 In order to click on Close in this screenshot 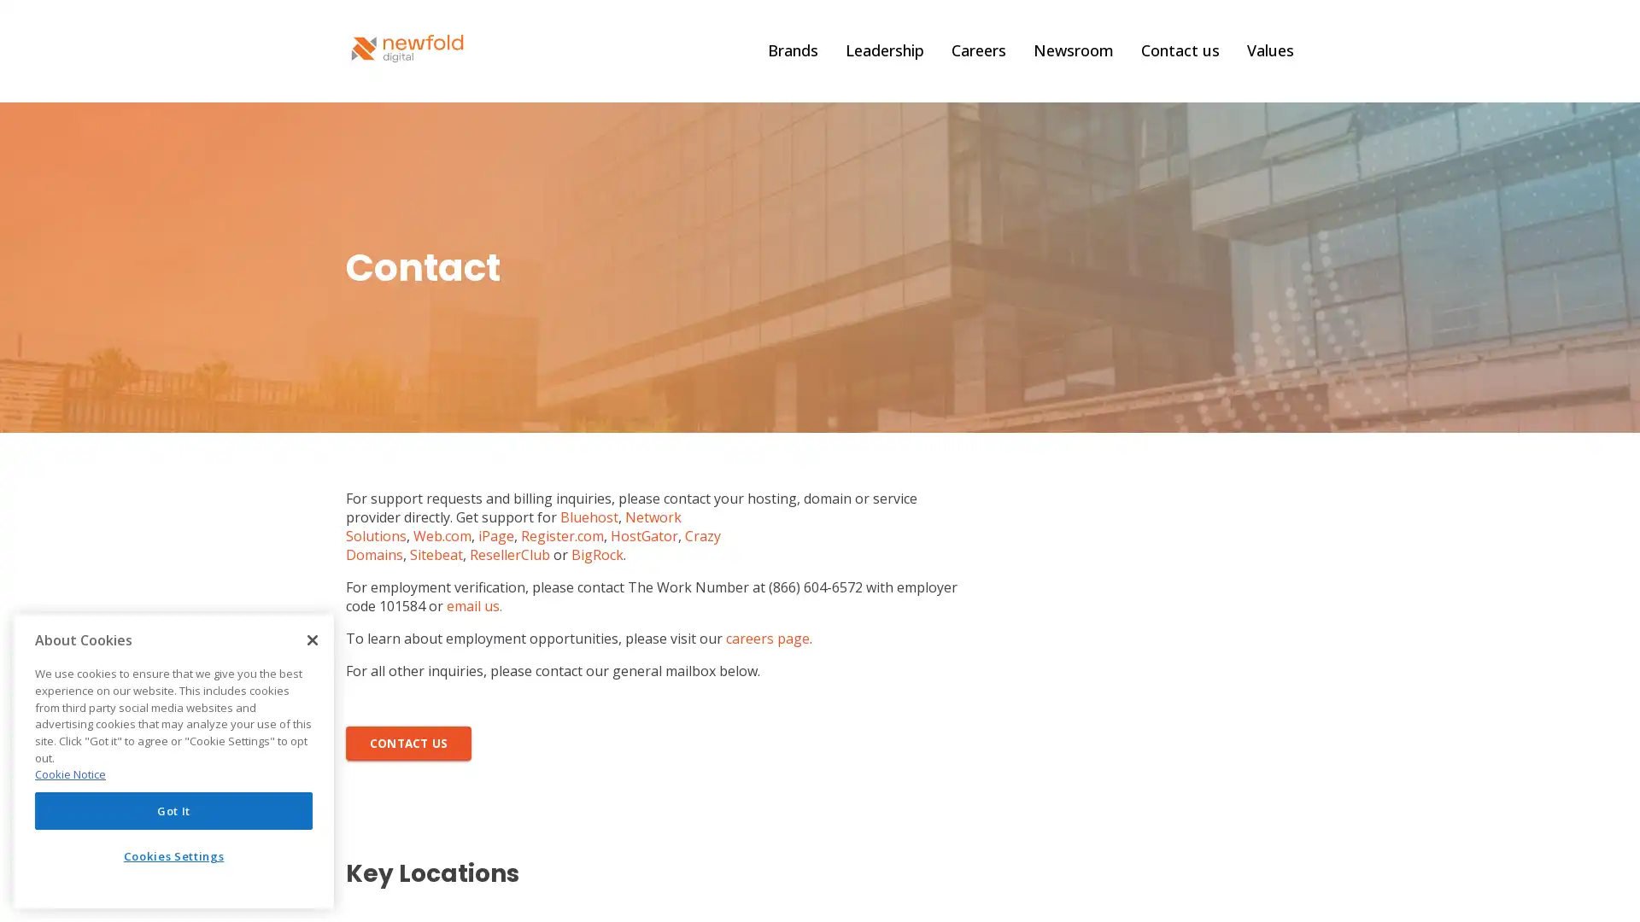, I will do `click(312, 639)`.